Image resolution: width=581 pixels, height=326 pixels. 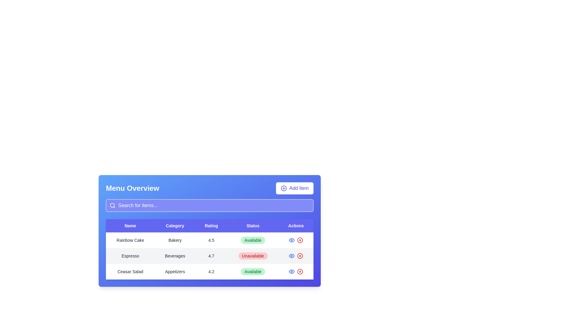 What do you see at coordinates (175, 256) in the screenshot?
I see `the table cell displaying 'Beverages'` at bounding box center [175, 256].